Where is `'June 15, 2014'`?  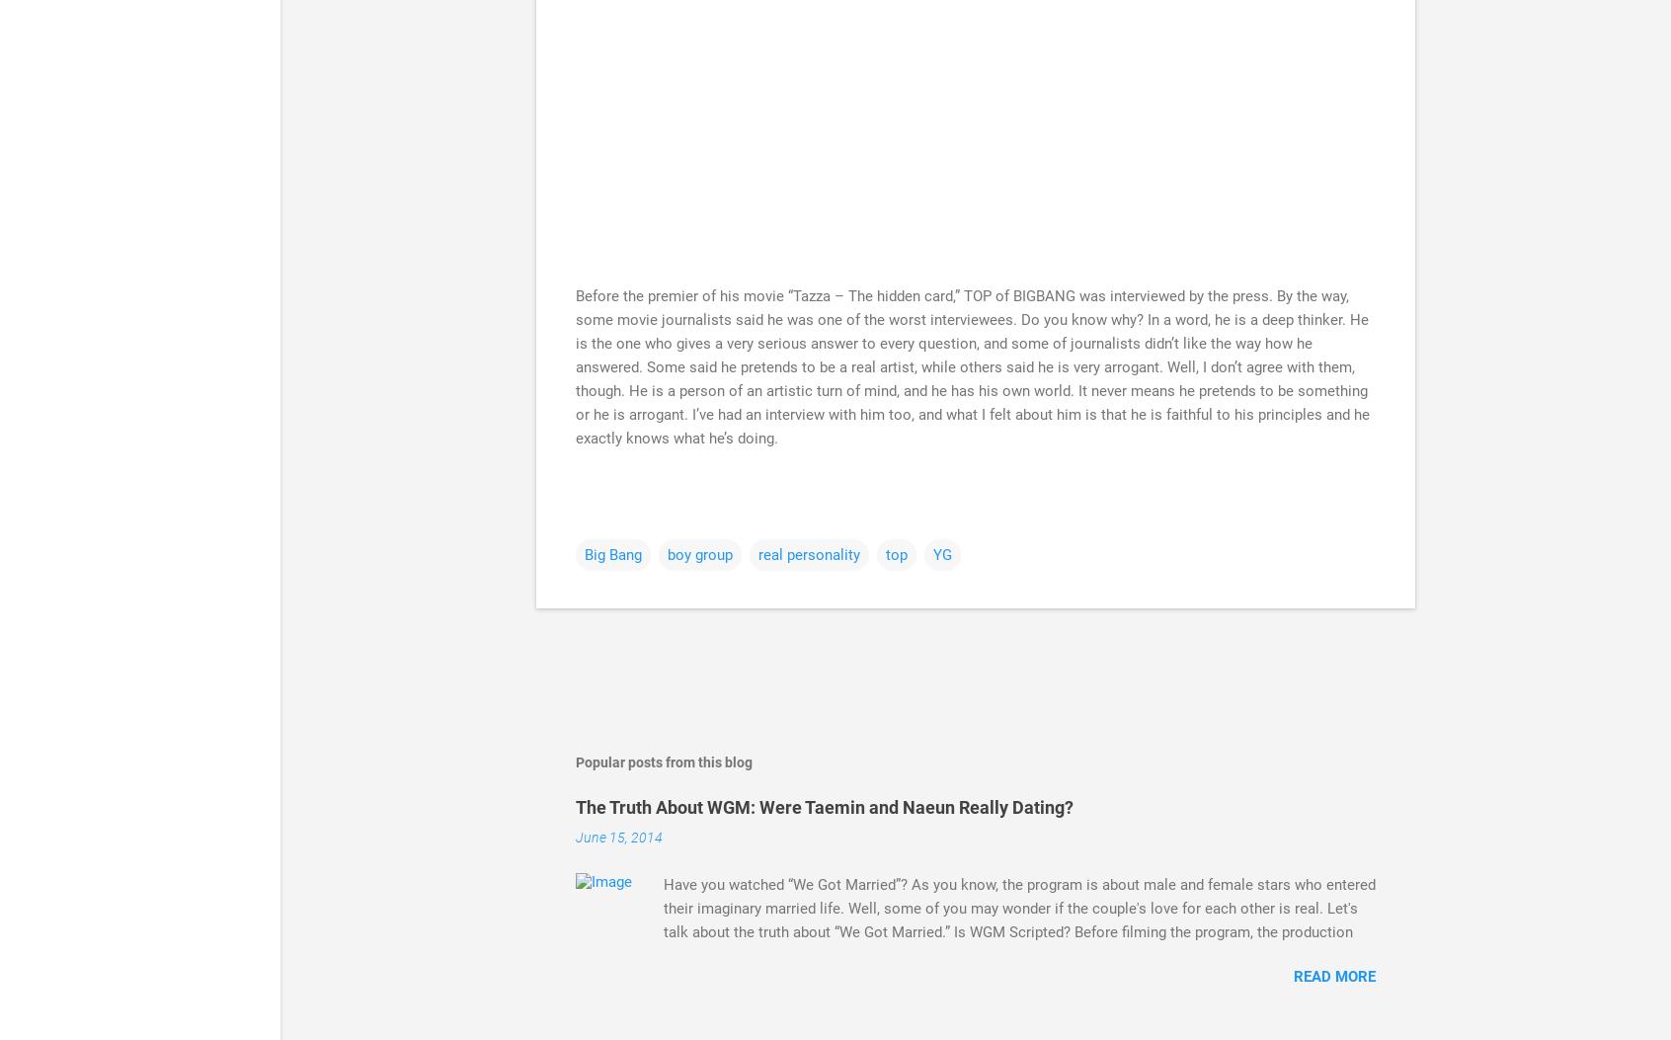 'June 15, 2014' is located at coordinates (618, 836).